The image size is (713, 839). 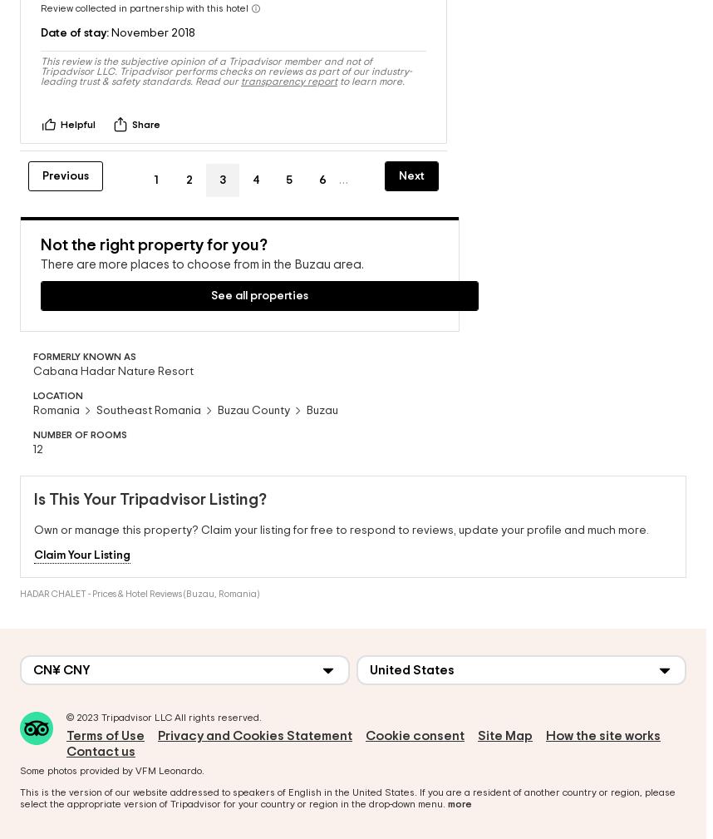 I want to click on 'This is the version of our website addressed to speakers of', so click(x=154, y=787).